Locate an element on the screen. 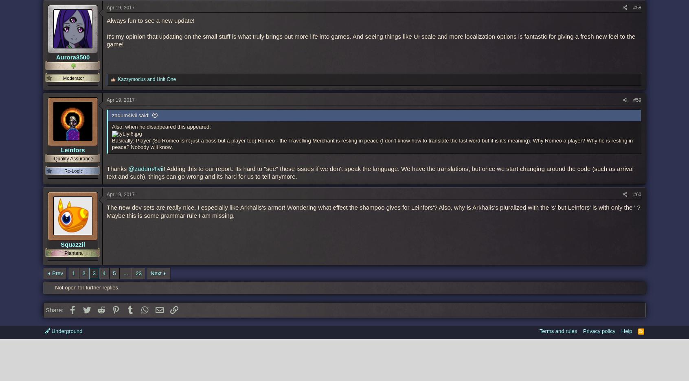 Image resolution: width=689 pixels, height=381 pixels. 'Kazzymodus' is located at coordinates (131, 79).